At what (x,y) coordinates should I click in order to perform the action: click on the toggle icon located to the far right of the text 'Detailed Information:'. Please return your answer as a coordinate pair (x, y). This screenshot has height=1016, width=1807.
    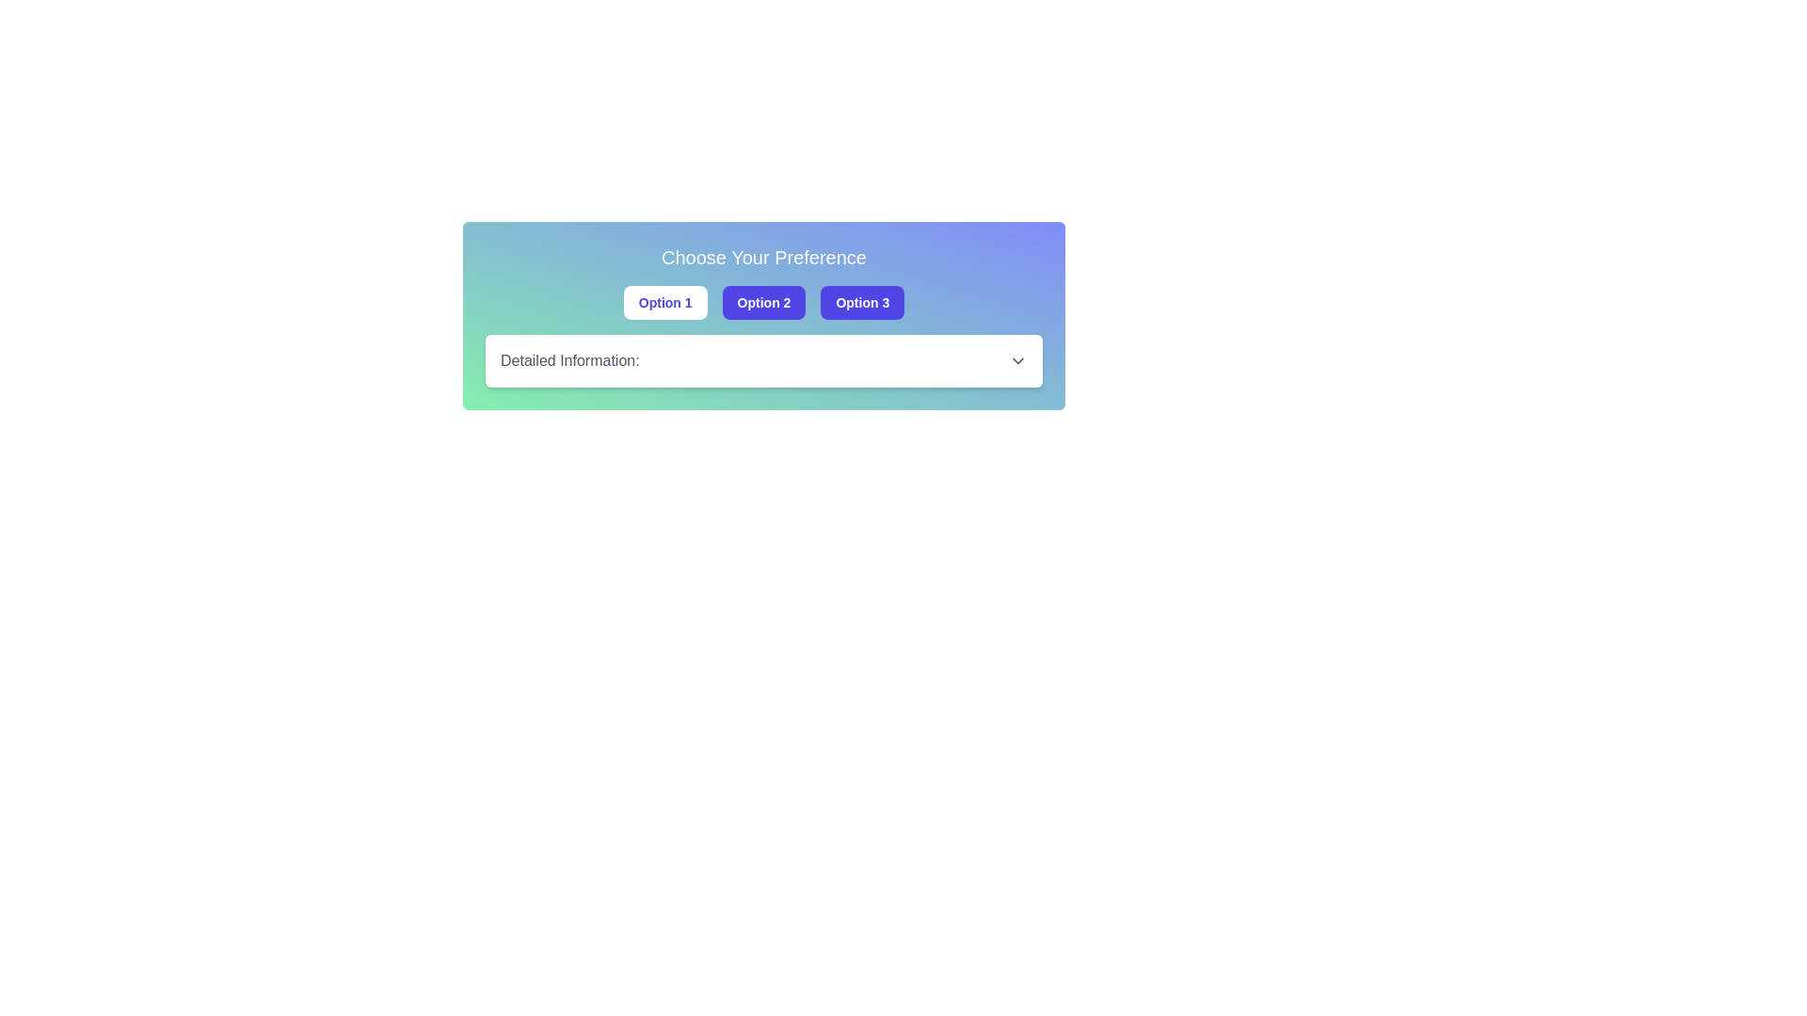
    Looking at the image, I should click on (1016, 361).